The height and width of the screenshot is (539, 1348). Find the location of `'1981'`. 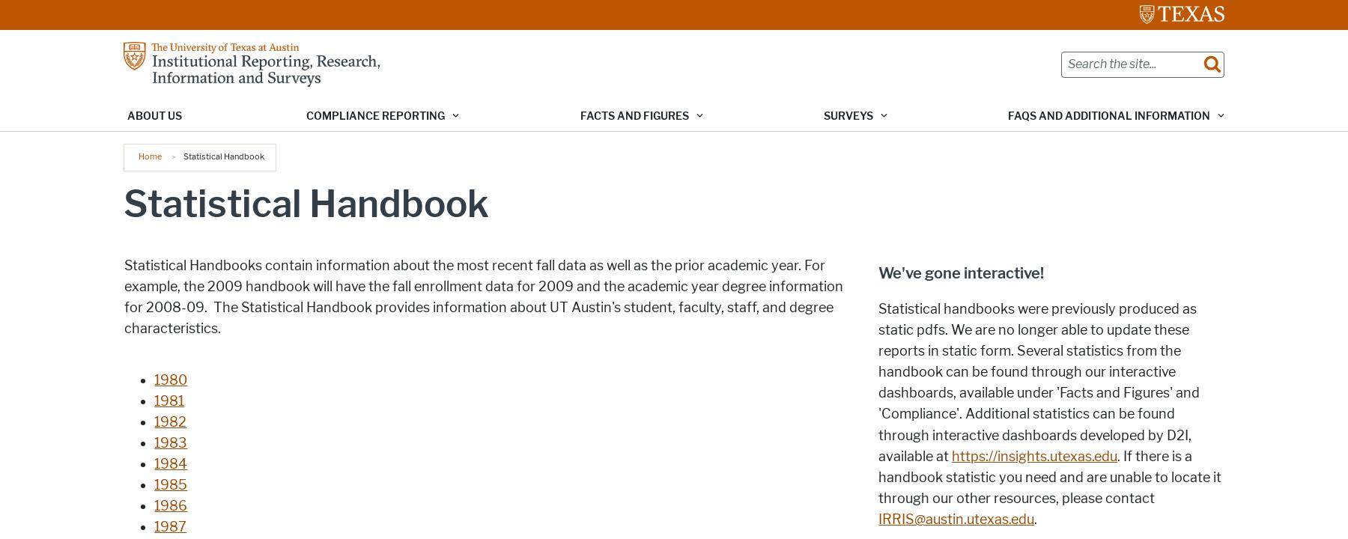

'1981' is located at coordinates (168, 400).